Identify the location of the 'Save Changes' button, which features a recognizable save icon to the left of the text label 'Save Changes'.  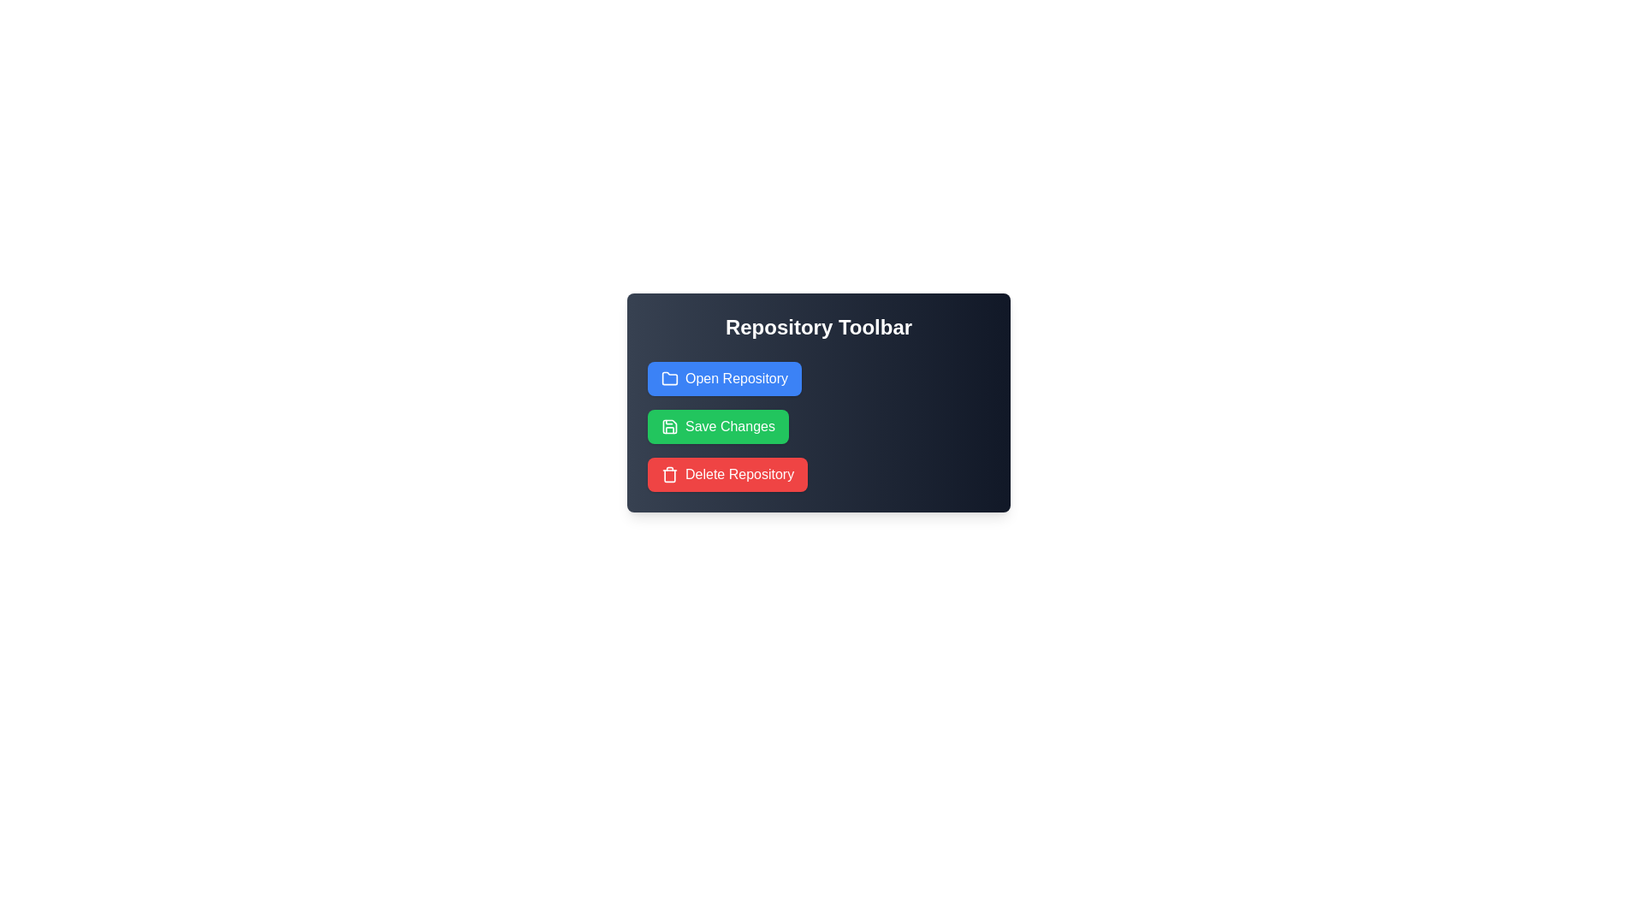
(668, 425).